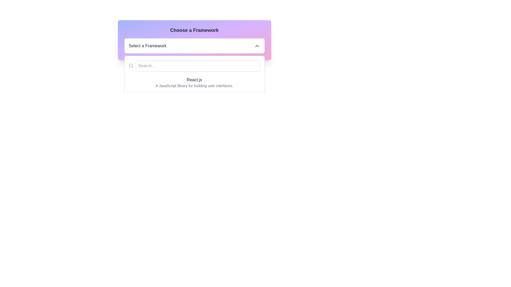  What do you see at coordinates (194, 83) in the screenshot?
I see `the first item in the selection list that represents the framework 'React.js', located immediately below the search field in the dropdown menu` at bounding box center [194, 83].